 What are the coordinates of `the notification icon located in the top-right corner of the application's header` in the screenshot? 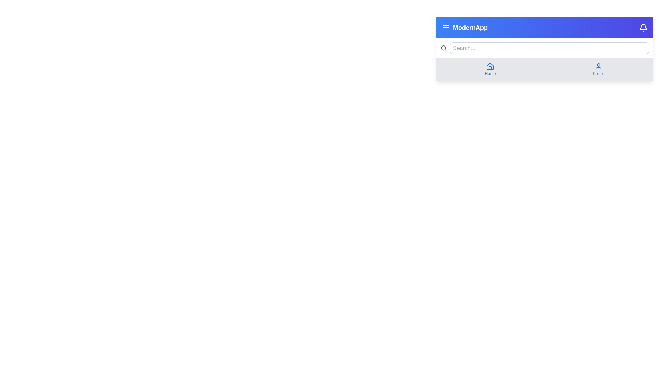 It's located at (643, 27).